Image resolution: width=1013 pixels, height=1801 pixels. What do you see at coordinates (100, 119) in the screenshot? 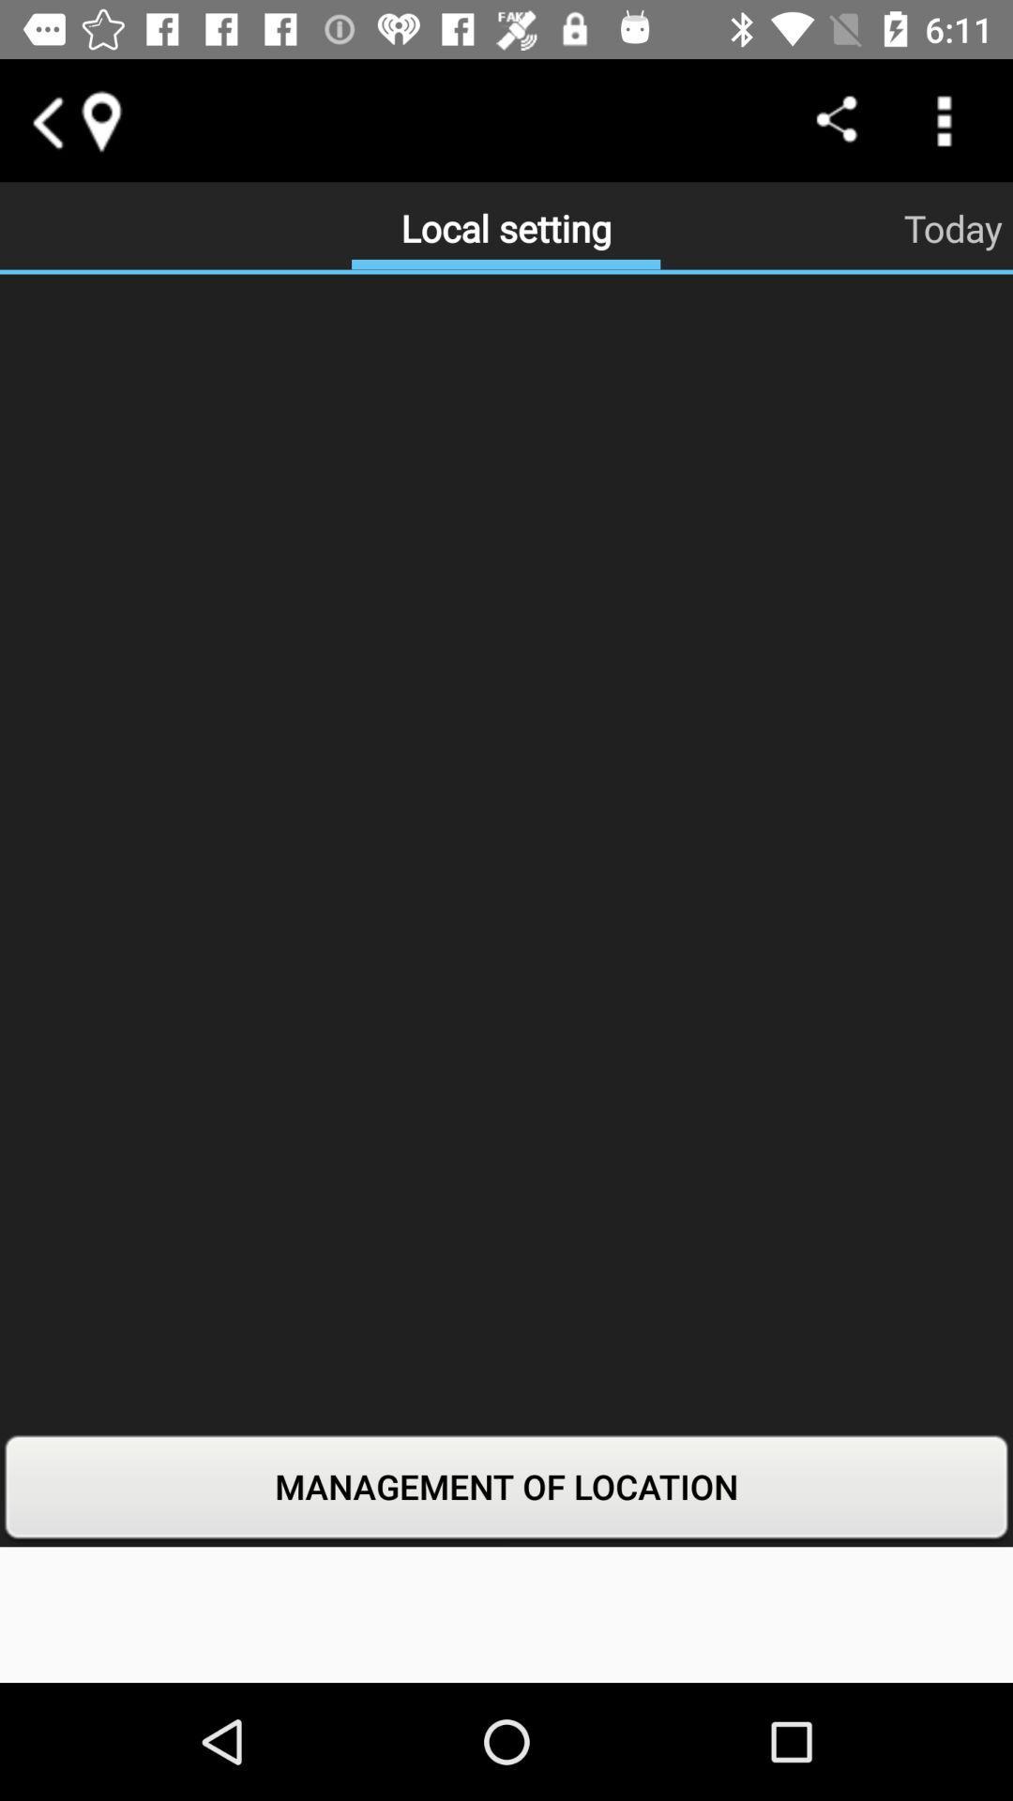
I see `the location icon` at bounding box center [100, 119].